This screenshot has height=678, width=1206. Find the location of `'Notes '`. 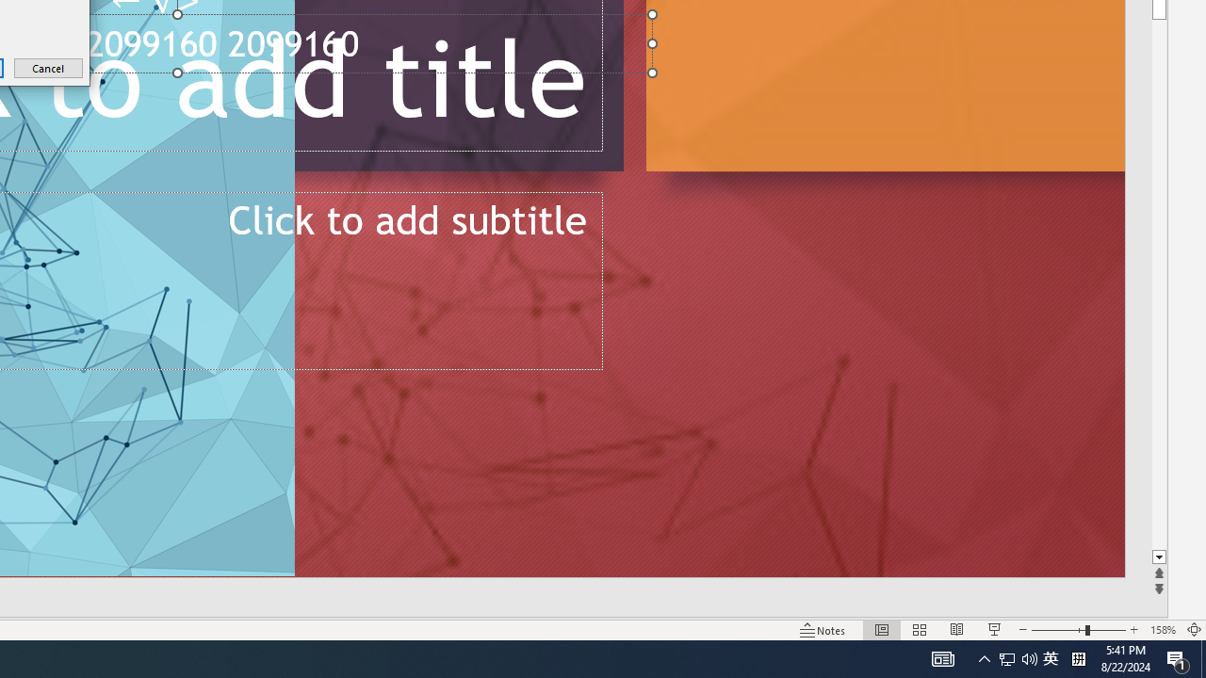

'Notes ' is located at coordinates (823, 630).